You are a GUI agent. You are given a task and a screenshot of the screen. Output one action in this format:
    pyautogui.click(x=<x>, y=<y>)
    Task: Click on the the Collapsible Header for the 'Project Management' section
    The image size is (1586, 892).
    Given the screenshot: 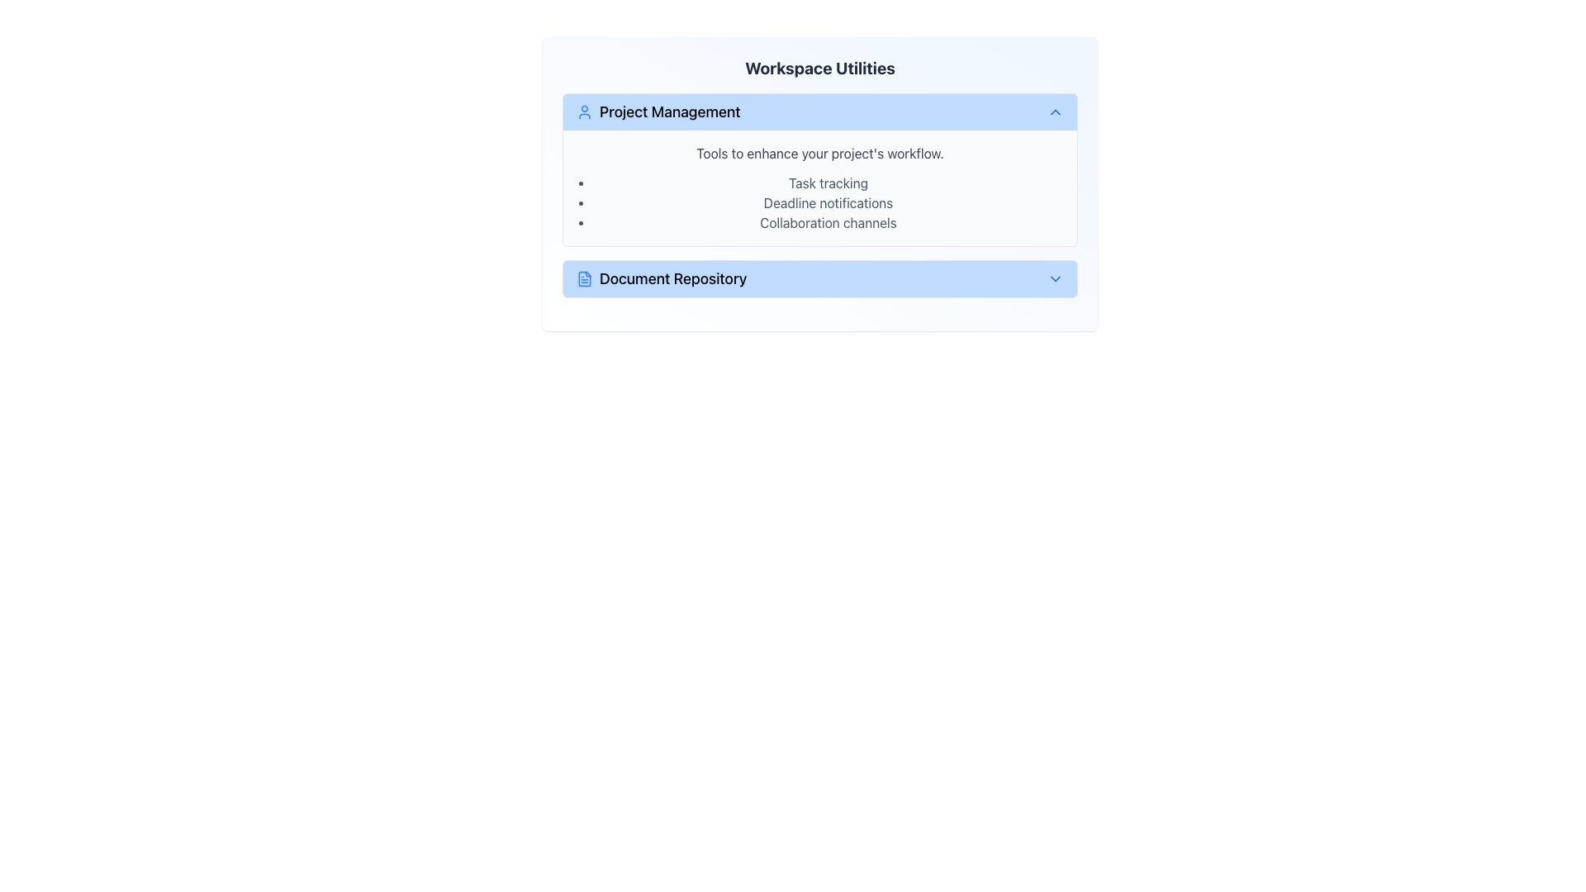 What is the action you would take?
    pyautogui.click(x=820, y=111)
    